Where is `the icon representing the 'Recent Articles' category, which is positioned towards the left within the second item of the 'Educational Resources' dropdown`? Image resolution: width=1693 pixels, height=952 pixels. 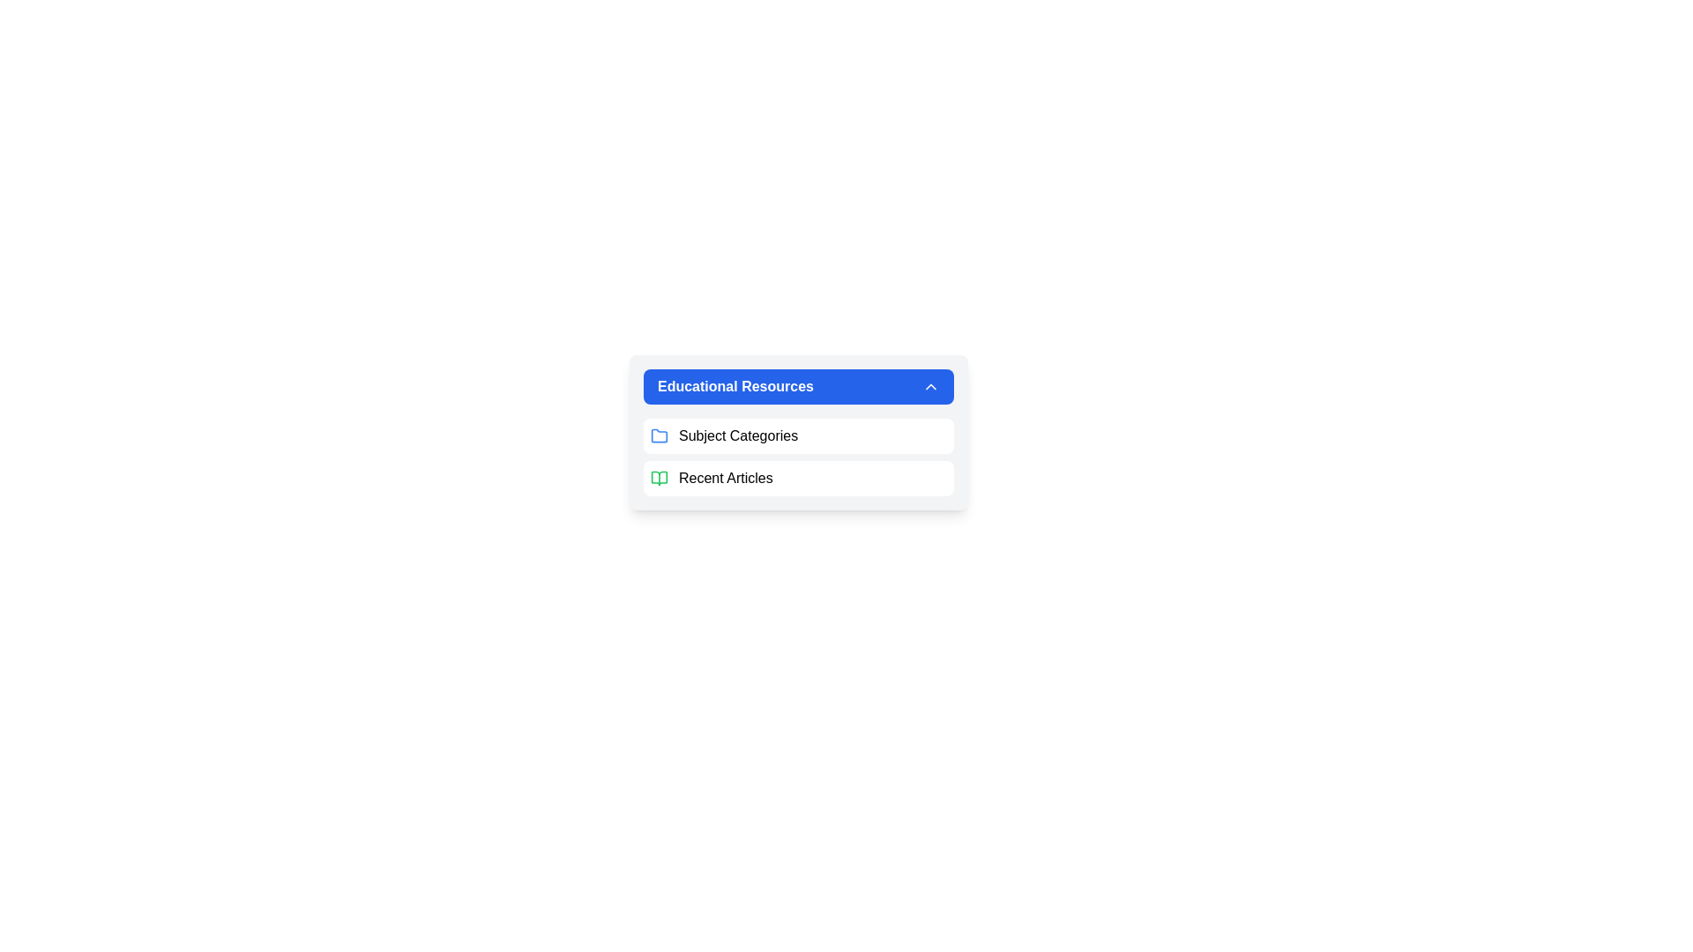 the icon representing the 'Recent Articles' category, which is positioned towards the left within the second item of the 'Educational Resources' dropdown is located at coordinates (659, 479).